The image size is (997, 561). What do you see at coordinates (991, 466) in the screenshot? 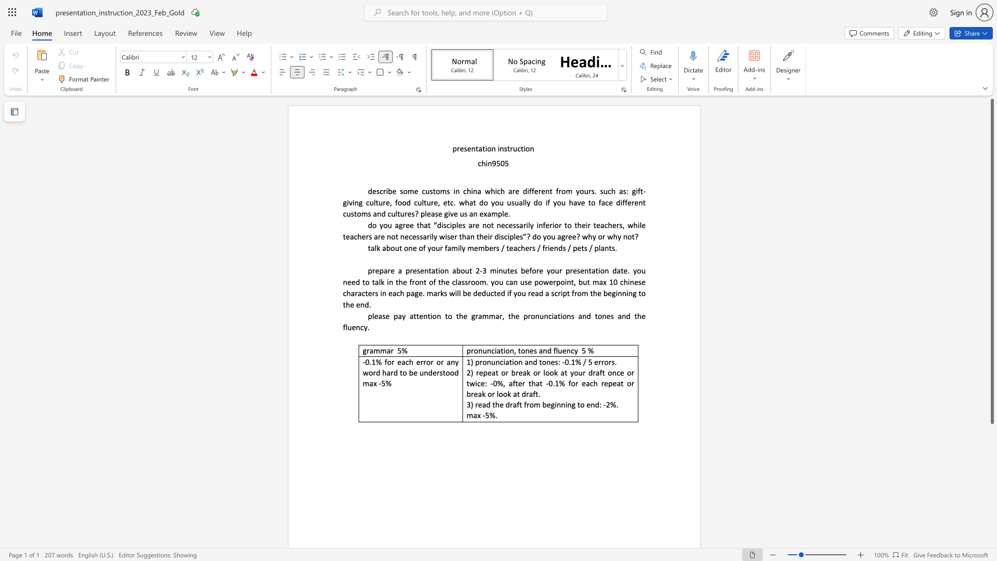
I see `the scrollbar on the right to shift the page lower` at bounding box center [991, 466].